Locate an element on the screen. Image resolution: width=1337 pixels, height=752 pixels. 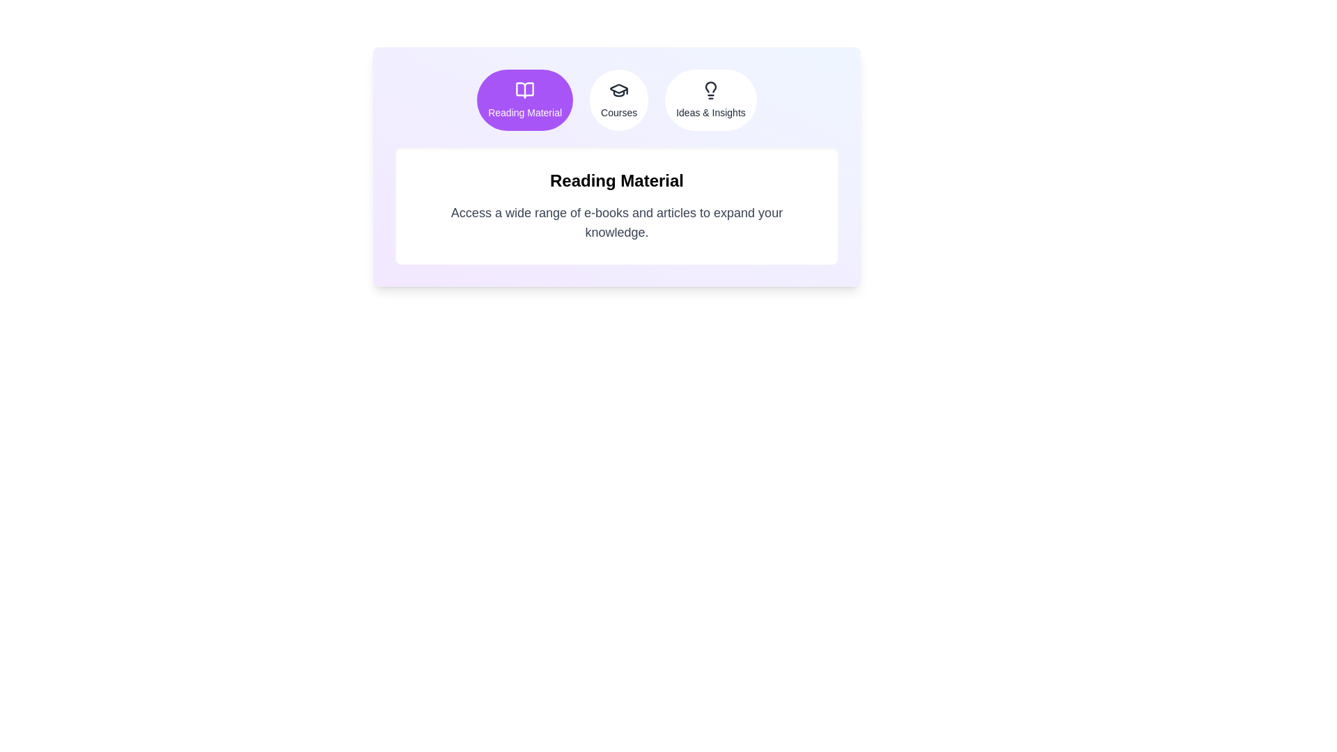
the Reading Material tab to view its content is located at coordinates (524, 99).